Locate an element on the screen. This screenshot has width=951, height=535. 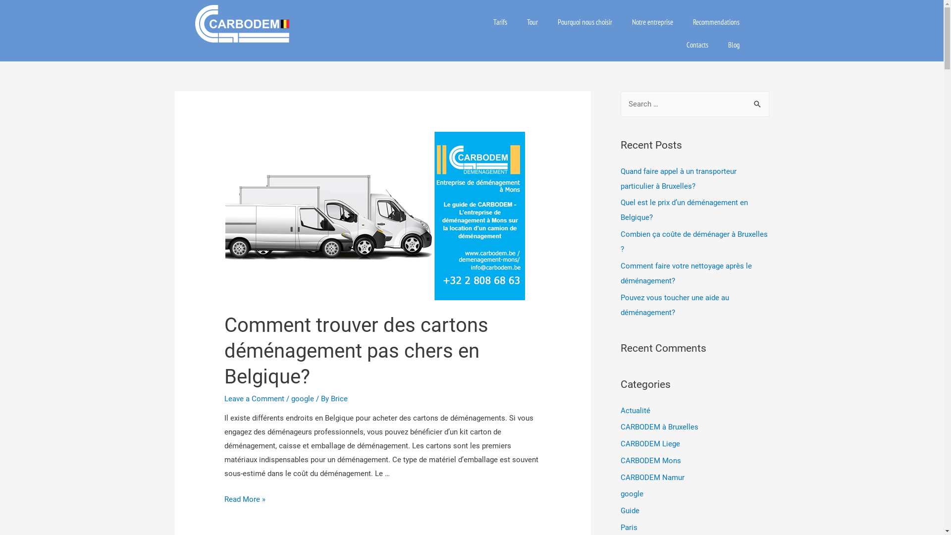
'Brice' is located at coordinates (339, 398).